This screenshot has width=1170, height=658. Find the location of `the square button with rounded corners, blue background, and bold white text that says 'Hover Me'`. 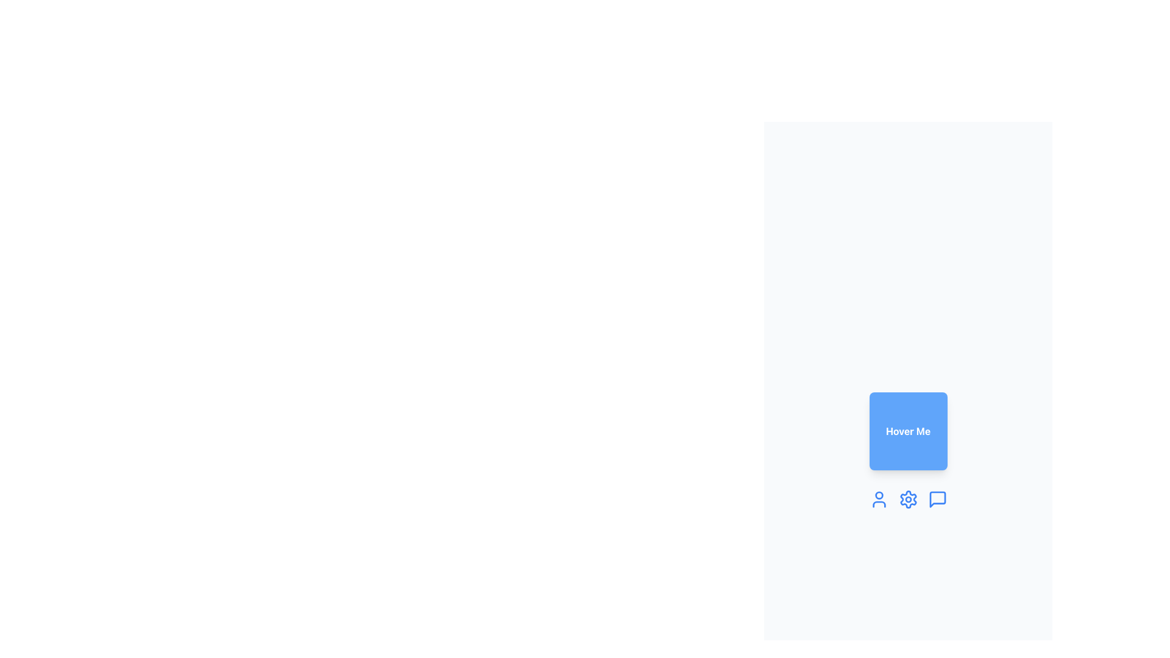

the square button with rounded corners, blue background, and bold white text that says 'Hover Me' is located at coordinates (908, 431).